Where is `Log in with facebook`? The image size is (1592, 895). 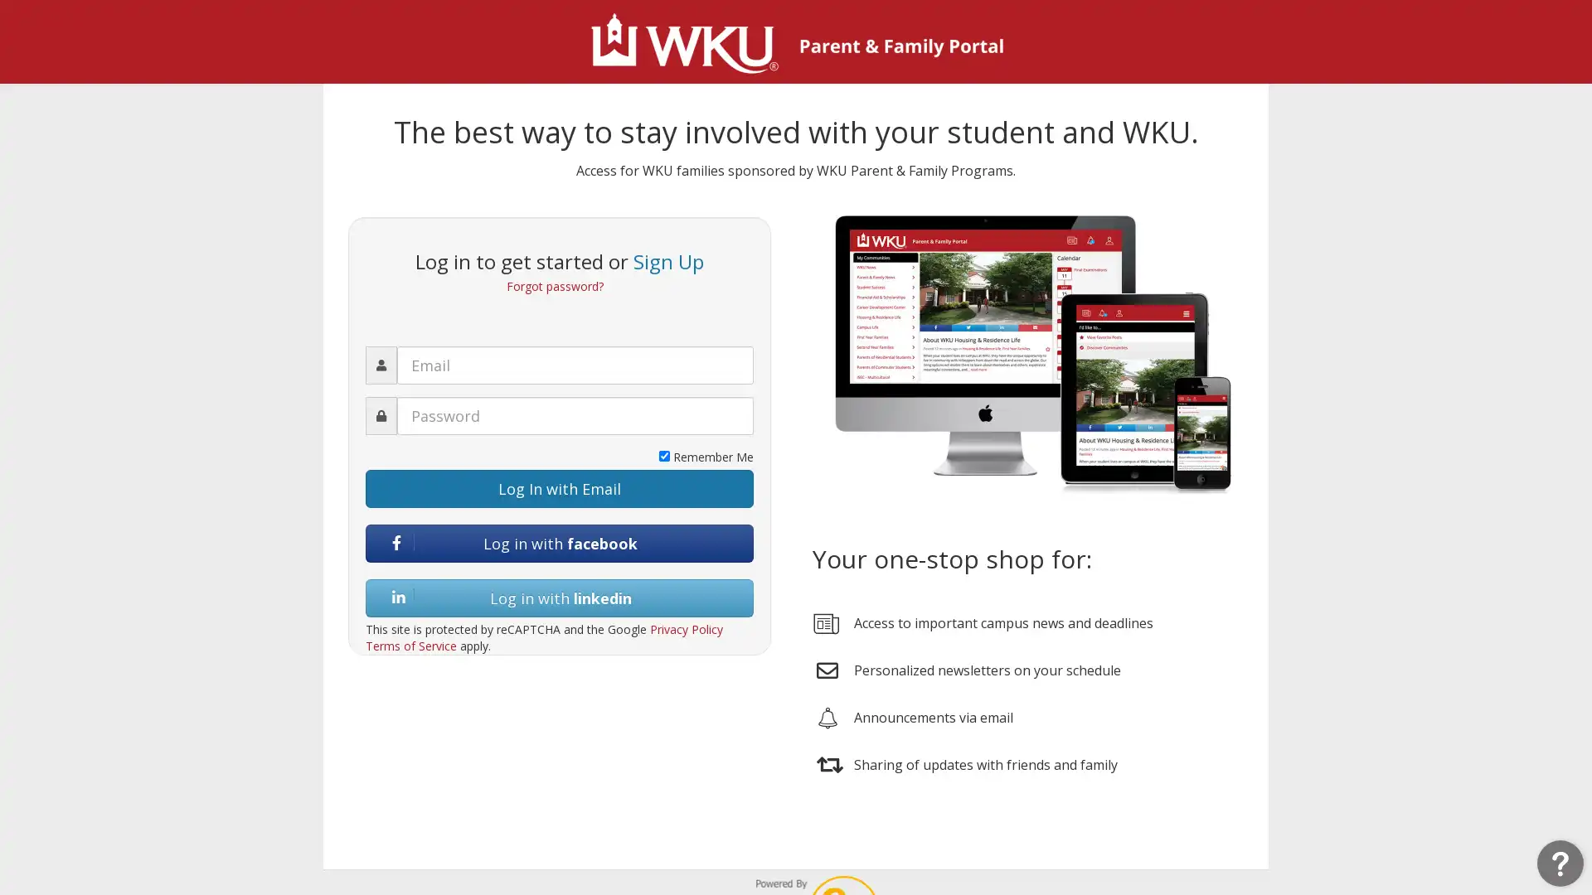 Log in with facebook is located at coordinates (560, 543).